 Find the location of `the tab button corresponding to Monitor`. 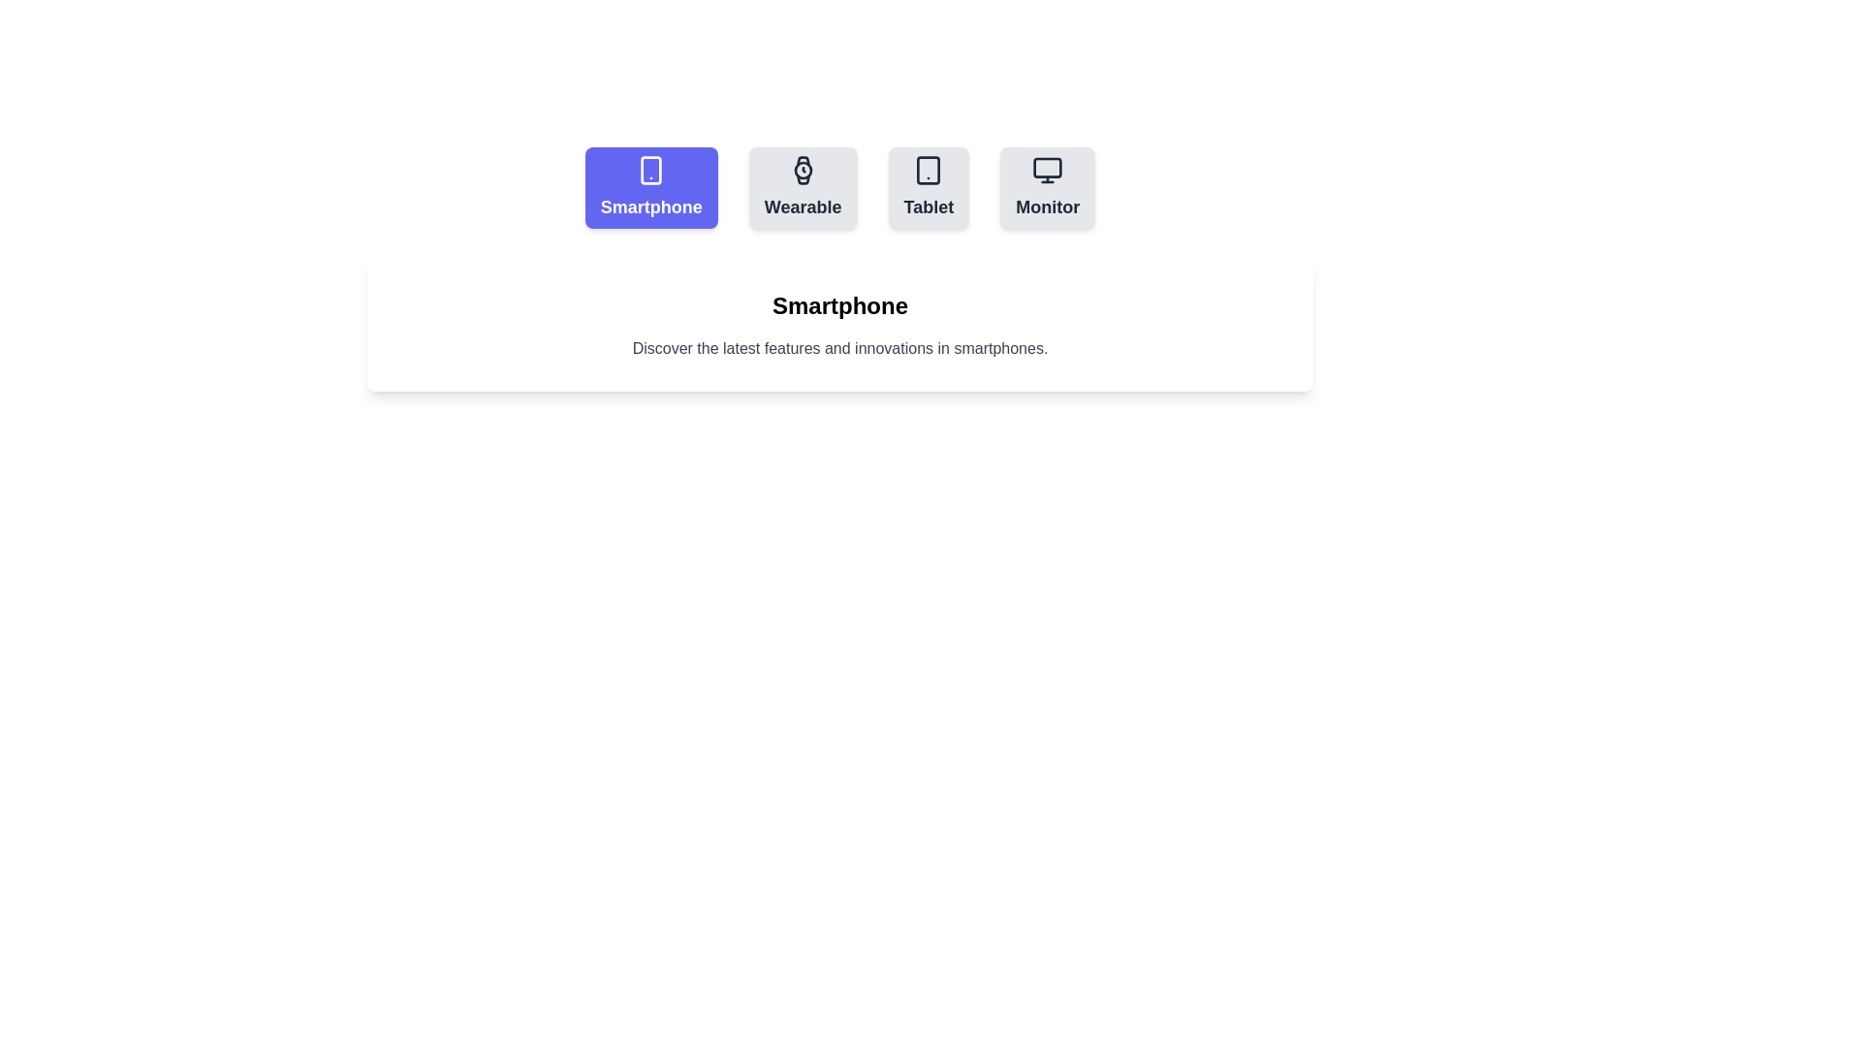

the tab button corresponding to Monitor is located at coordinates (1047, 187).